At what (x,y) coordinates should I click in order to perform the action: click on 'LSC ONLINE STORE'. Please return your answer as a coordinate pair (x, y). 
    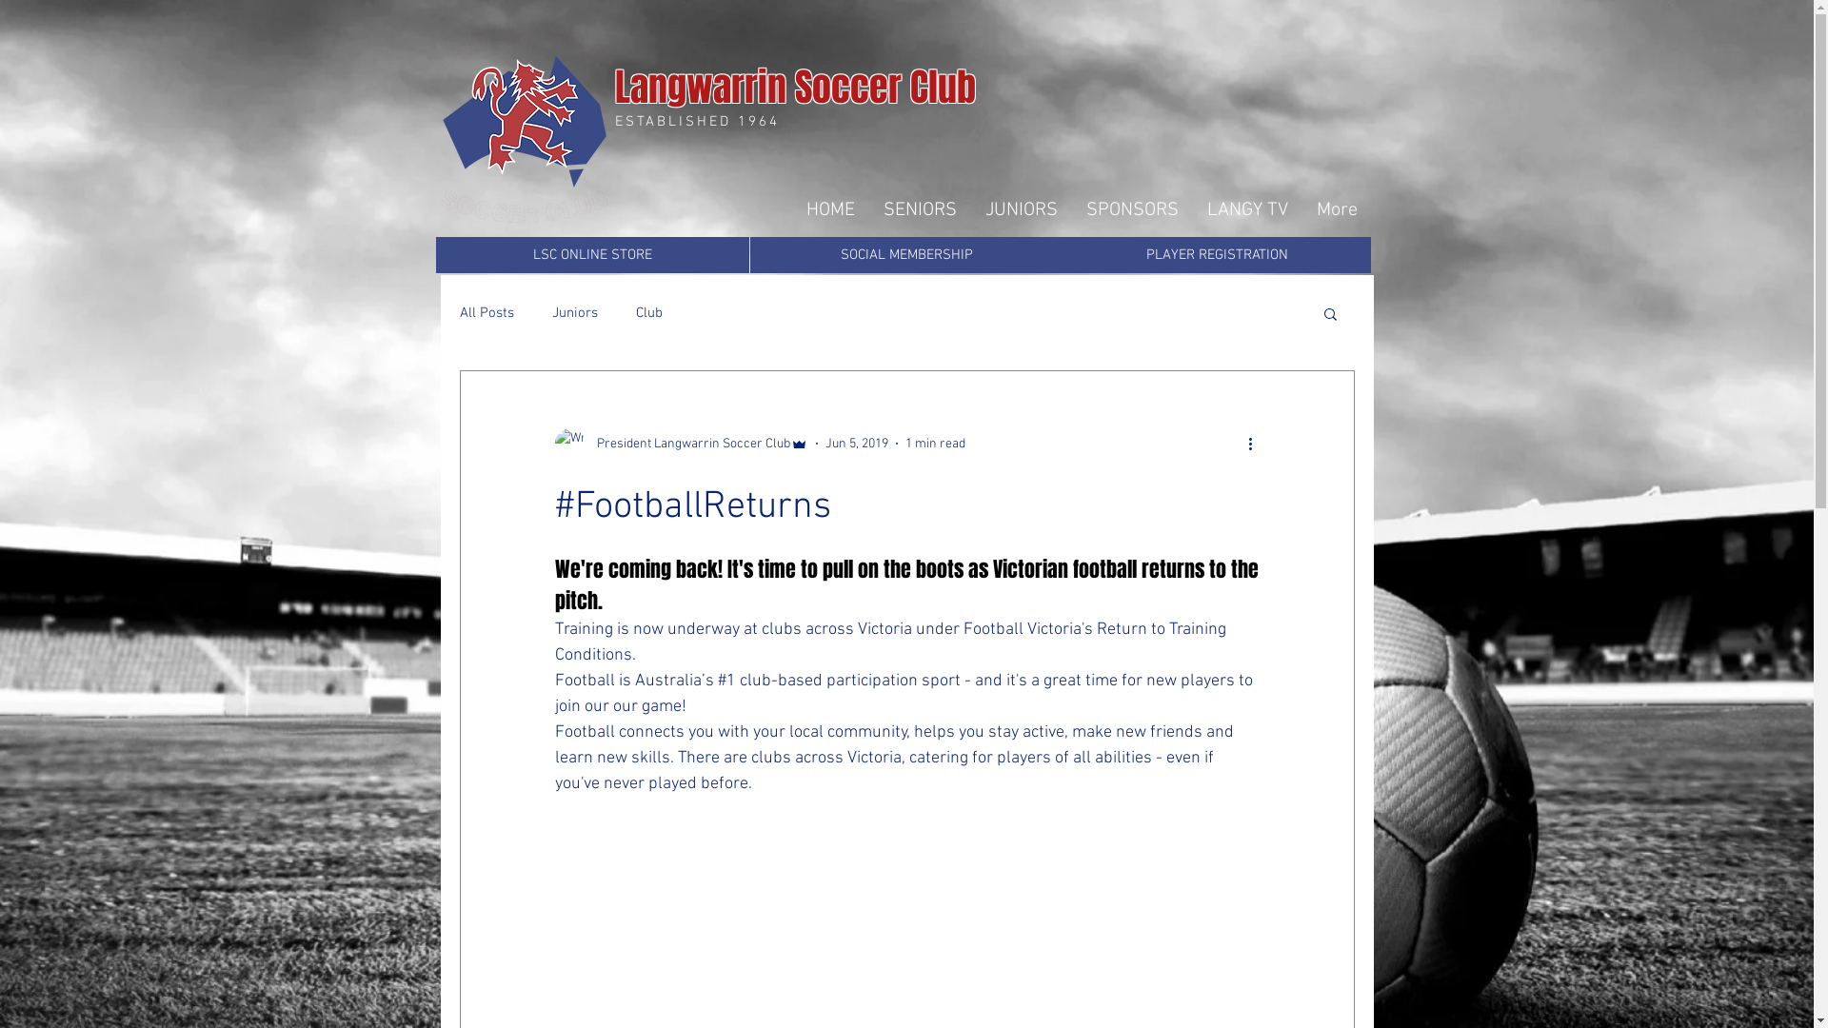
    Looking at the image, I should click on (591, 253).